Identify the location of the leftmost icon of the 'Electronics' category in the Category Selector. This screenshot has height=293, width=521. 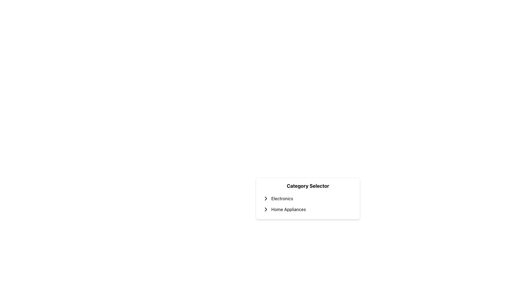
(266, 199).